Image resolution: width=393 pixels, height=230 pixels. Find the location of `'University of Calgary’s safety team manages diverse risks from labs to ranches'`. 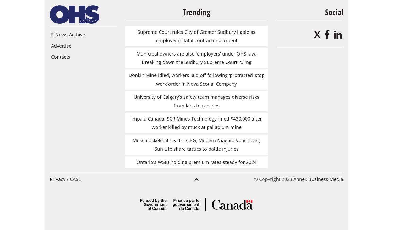

'University of Calgary’s safety team manages diverse risks from labs to ranches' is located at coordinates (134, 101).